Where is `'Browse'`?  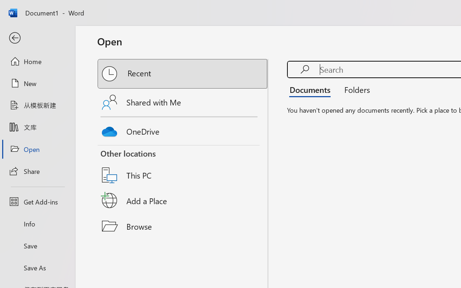 'Browse' is located at coordinates (183, 226).